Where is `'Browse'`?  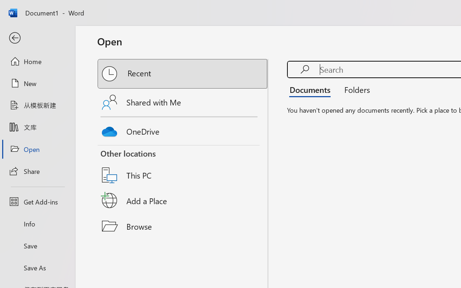 'Browse' is located at coordinates (183, 226).